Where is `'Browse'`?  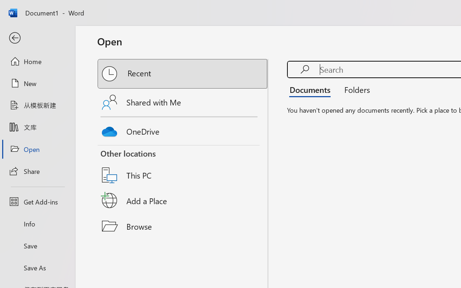 'Browse' is located at coordinates (183, 226).